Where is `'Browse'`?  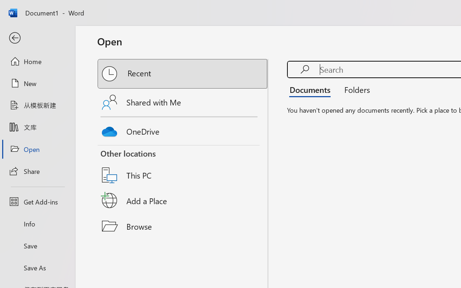 'Browse' is located at coordinates (183, 226).